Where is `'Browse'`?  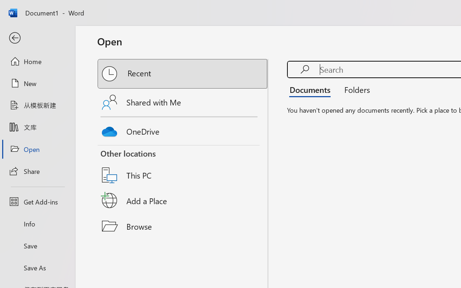 'Browse' is located at coordinates (183, 226).